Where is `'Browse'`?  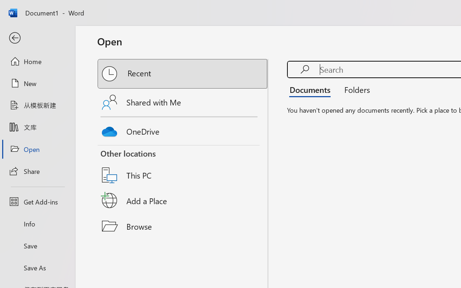 'Browse' is located at coordinates (183, 226).